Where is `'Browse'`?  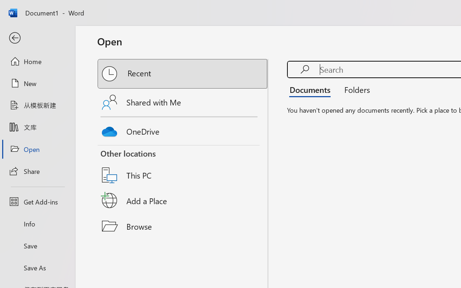 'Browse' is located at coordinates (183, 226).